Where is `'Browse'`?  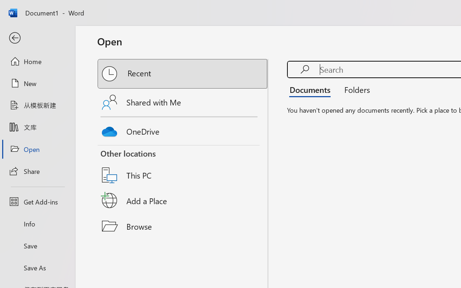 'Browse' is located at coordinates (183, 226).